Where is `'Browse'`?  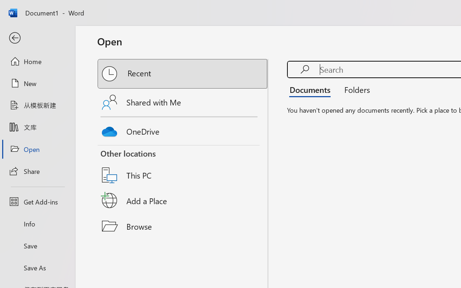 'Browse' is located at coordinates (183, 226).